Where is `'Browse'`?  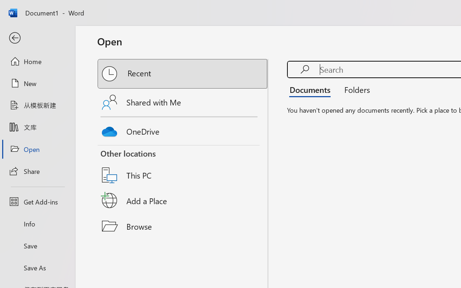 'Browse' is located at coordinates (183, 226).